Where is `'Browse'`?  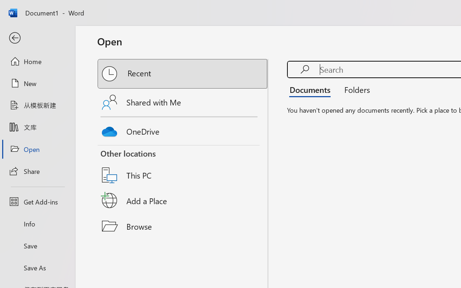 'Browse' is located at coordinates (183, 226).